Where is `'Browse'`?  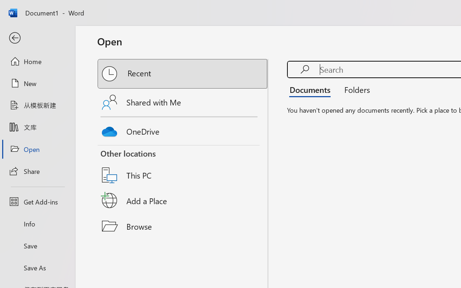 'Browse' is located at coordinates (183, 226).